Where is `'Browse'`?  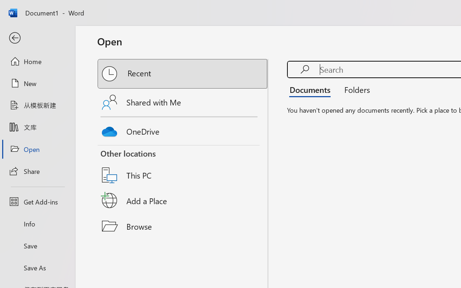 'Browse' is located at coordinates (183, 226).